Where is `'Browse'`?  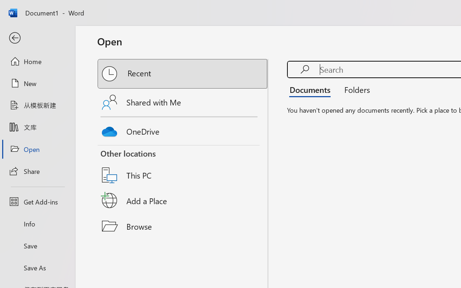 'Browse' is located at coordinates (183, 226).